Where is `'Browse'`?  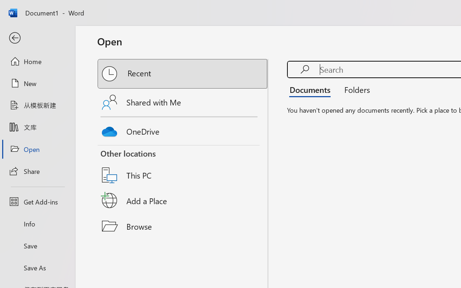 'Browse' is located at coordinates (183, 226).